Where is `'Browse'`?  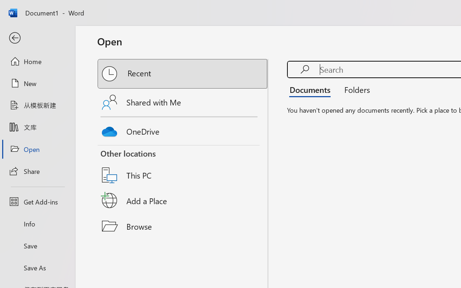 'Browse' is located at coordinates (183, 226).